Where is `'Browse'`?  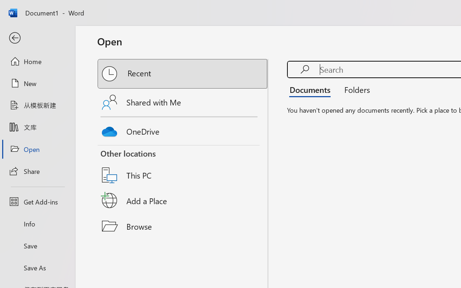 'Browse' is located at coordinates (183, 226).